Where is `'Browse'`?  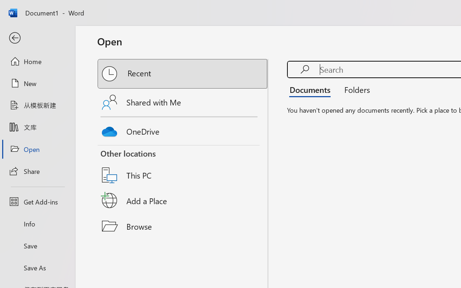 'Browse' is located at coordinates (183, 226).